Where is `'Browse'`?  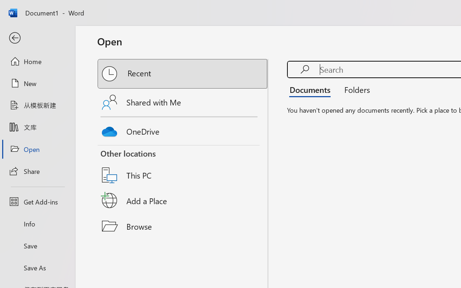 'Browse' is located at coordinates (183, 226).